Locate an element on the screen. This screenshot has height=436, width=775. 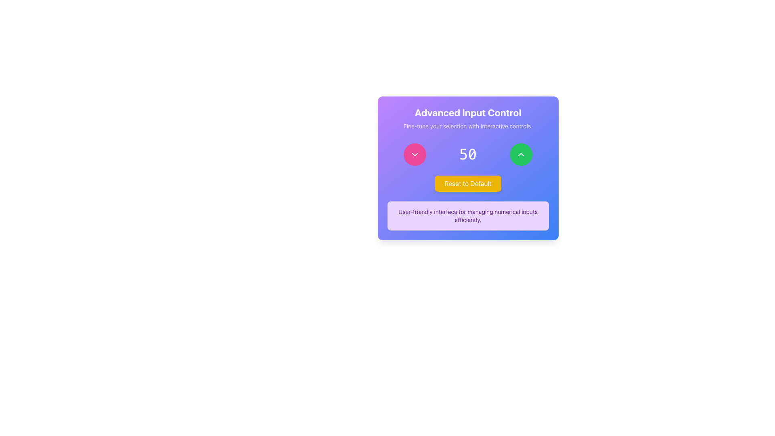
the informational text label located at the bottom of the 'Advanced Input Control' card, which provides additional clarity regarding the feature is located at coordinates (468, 216).